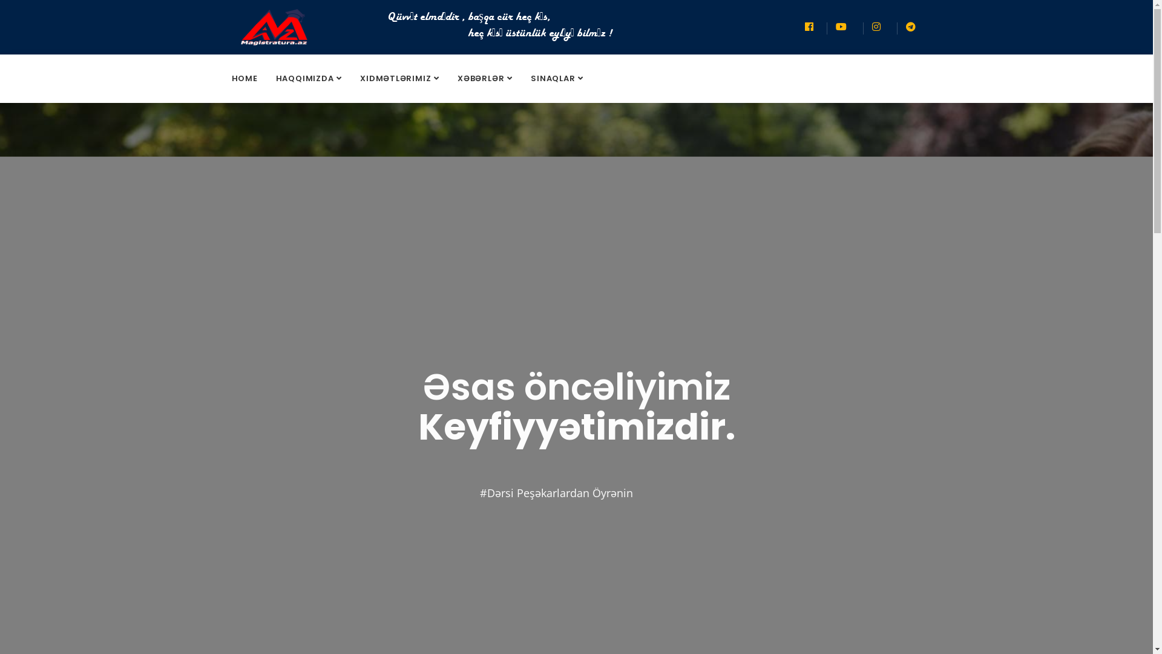 The image size is (1162, 654). What do you see at coordinates (522, 79) in the screenshot?
I see `'SINAQLAR'` at bounding box center [522, 79].